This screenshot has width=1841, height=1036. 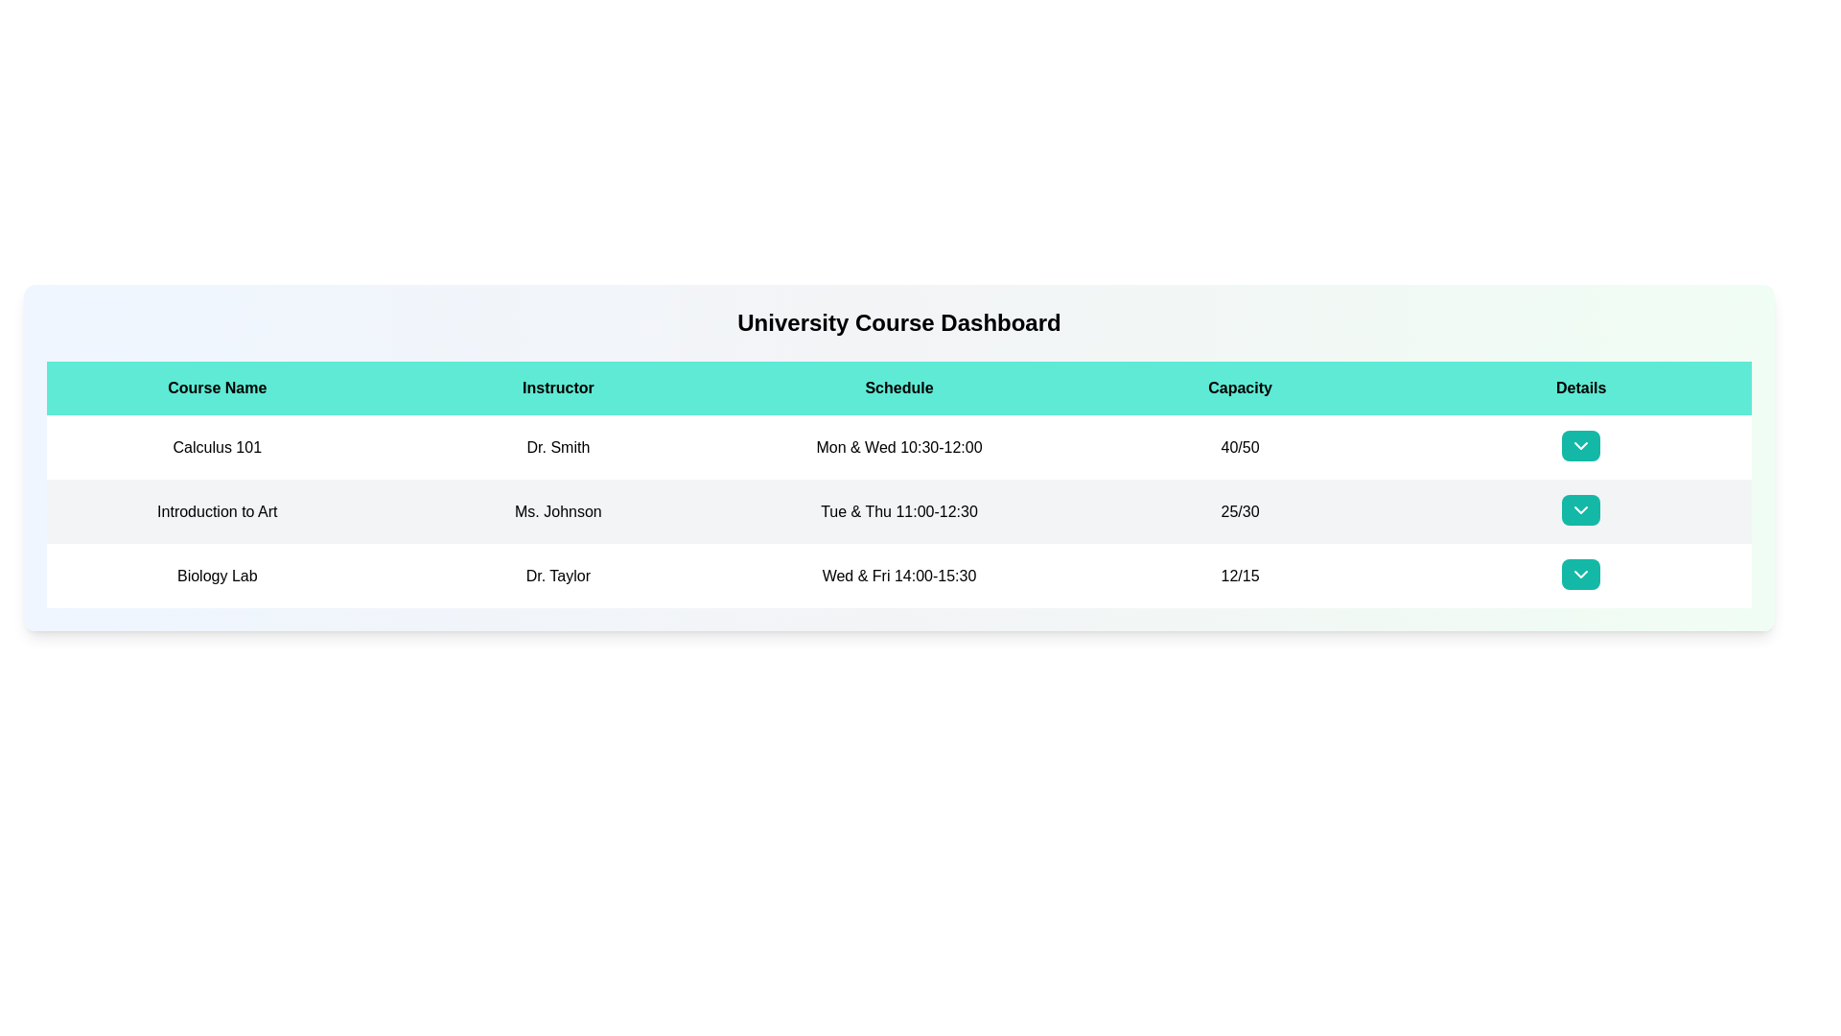 What do you see at coordinates (217, 575) in the screenshot?
I see `the text label displaying 'Biology Lab' located in the third row, first column of the table, positioned to the left of 'Dr. Taylor'` at bounding box center [217, 575].